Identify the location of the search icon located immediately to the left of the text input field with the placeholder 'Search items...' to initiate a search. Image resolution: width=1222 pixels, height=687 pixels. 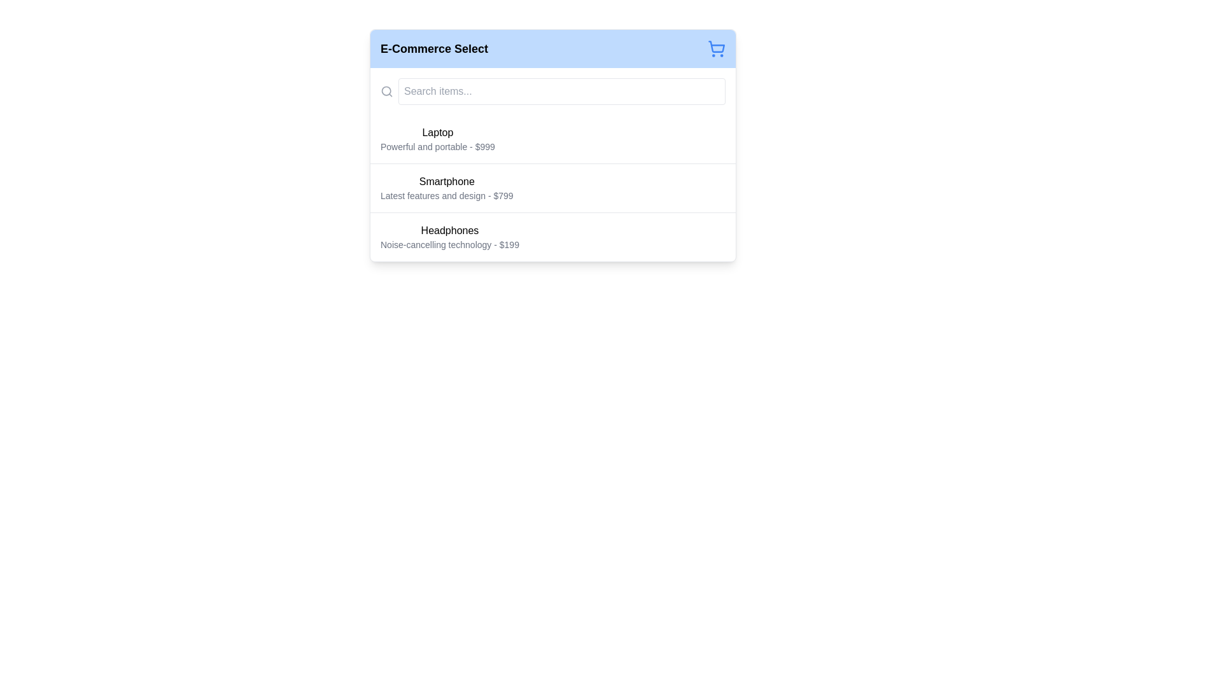
(386, 90).